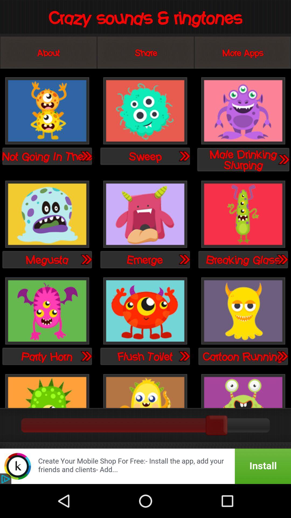  I want to click on switch megusta, so click(47, 214).